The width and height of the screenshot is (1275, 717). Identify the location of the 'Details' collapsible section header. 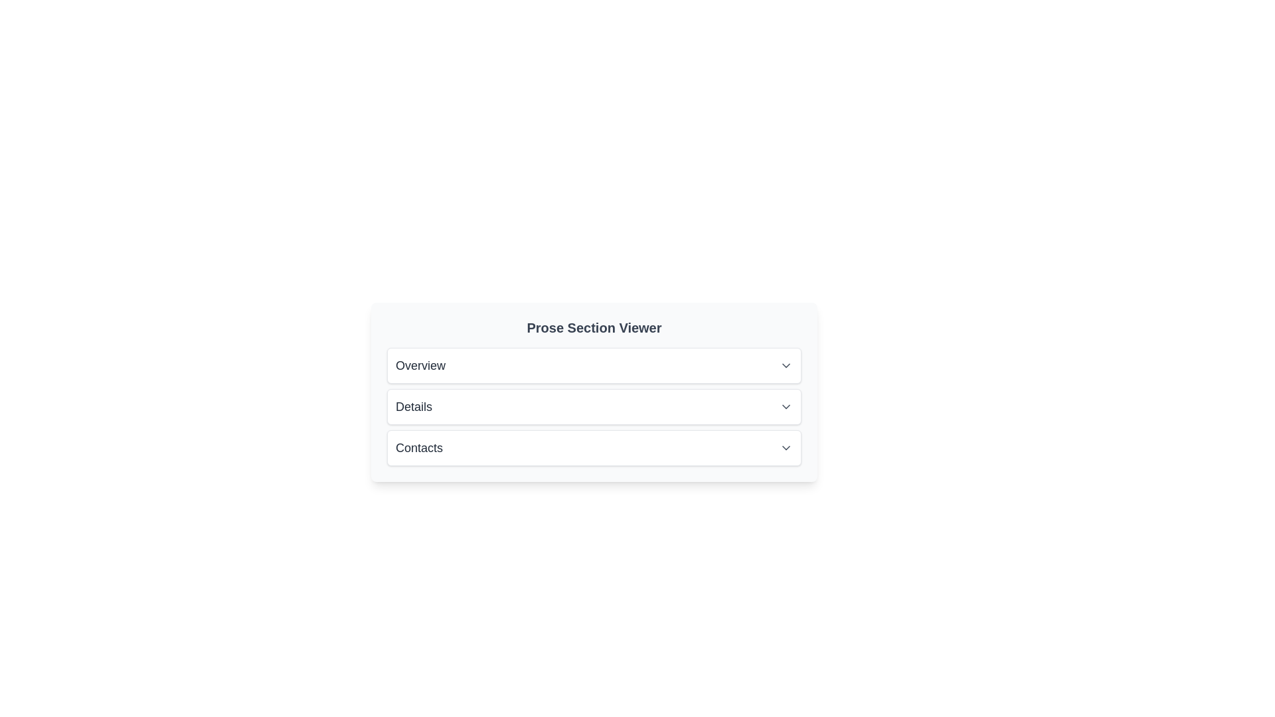
(593, 406).